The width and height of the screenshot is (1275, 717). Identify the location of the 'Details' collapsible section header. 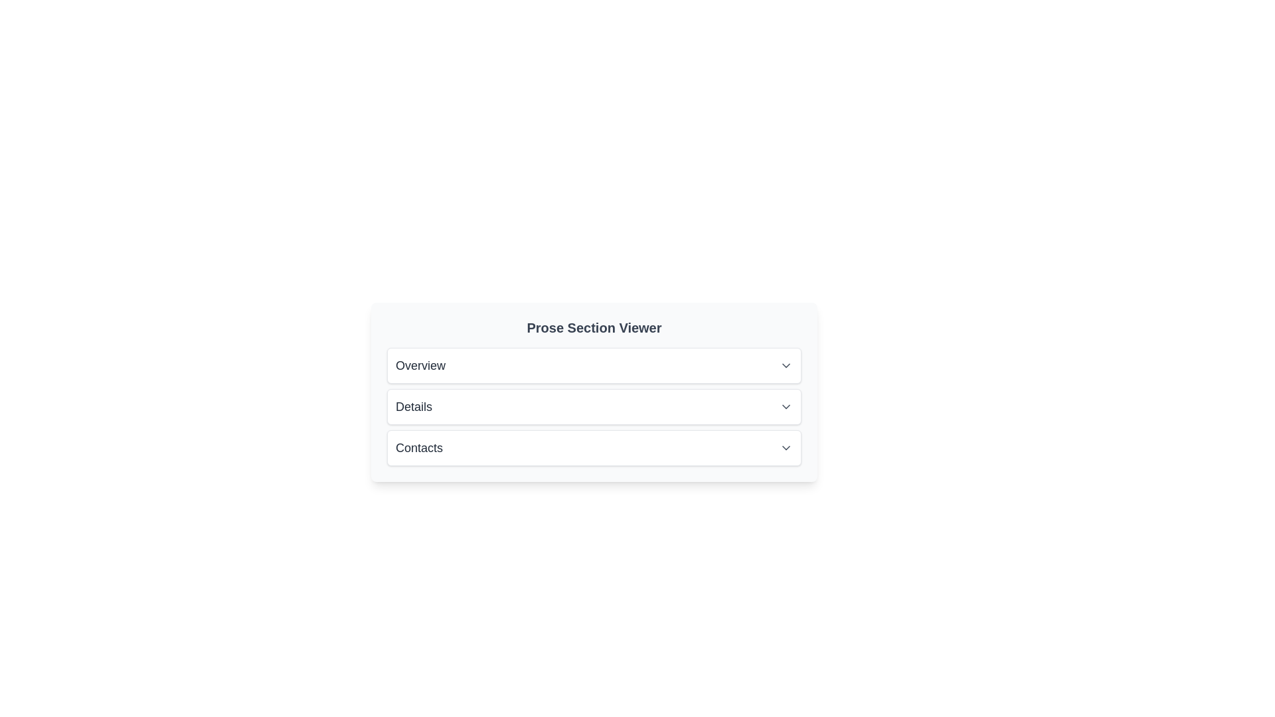
(593, 406).